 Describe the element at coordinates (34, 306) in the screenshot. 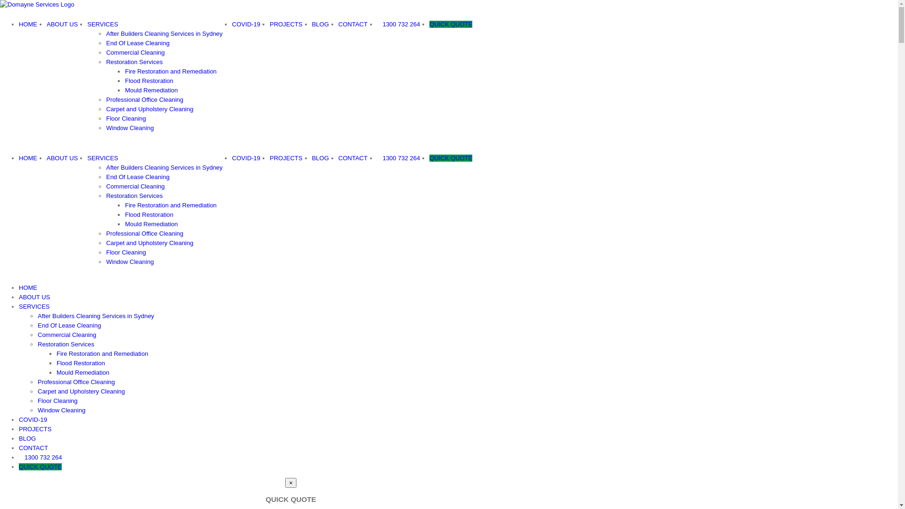

I see `'SERVICES'` at that location.